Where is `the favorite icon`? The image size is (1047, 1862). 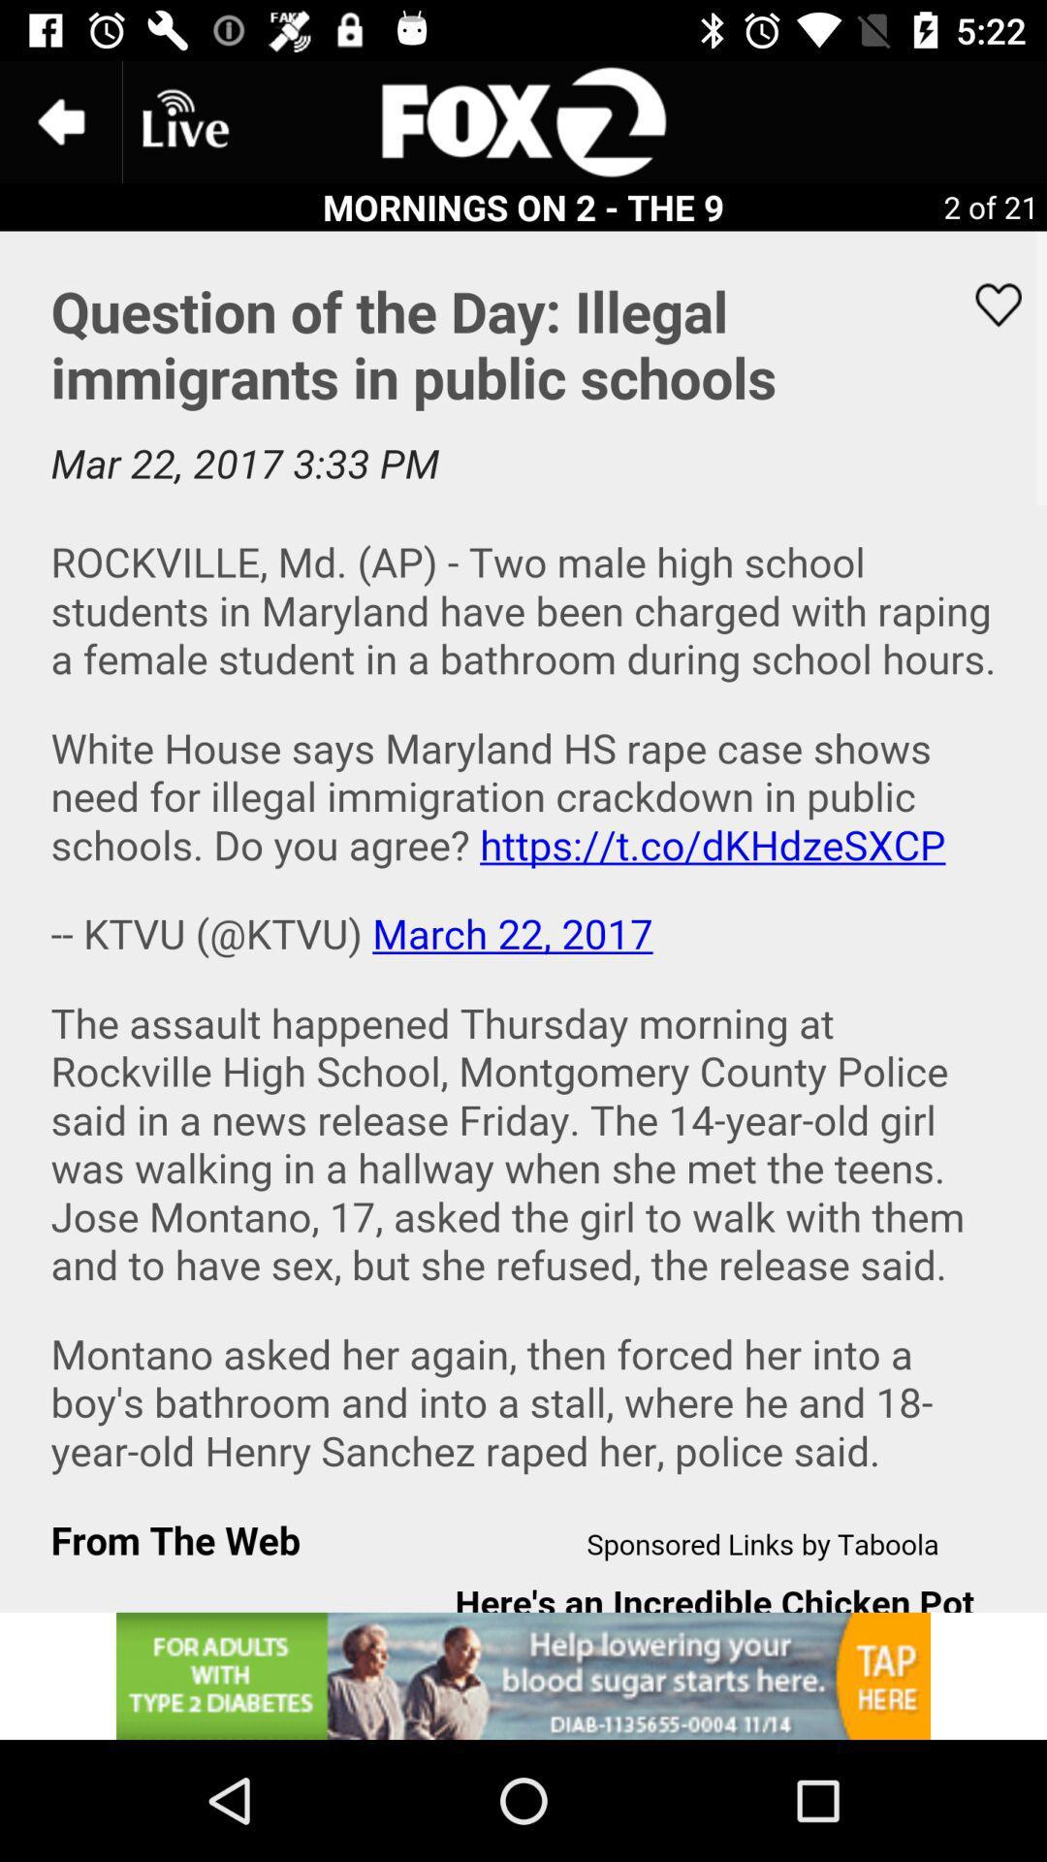
the favorite icon is located at coordinates (986, 304).